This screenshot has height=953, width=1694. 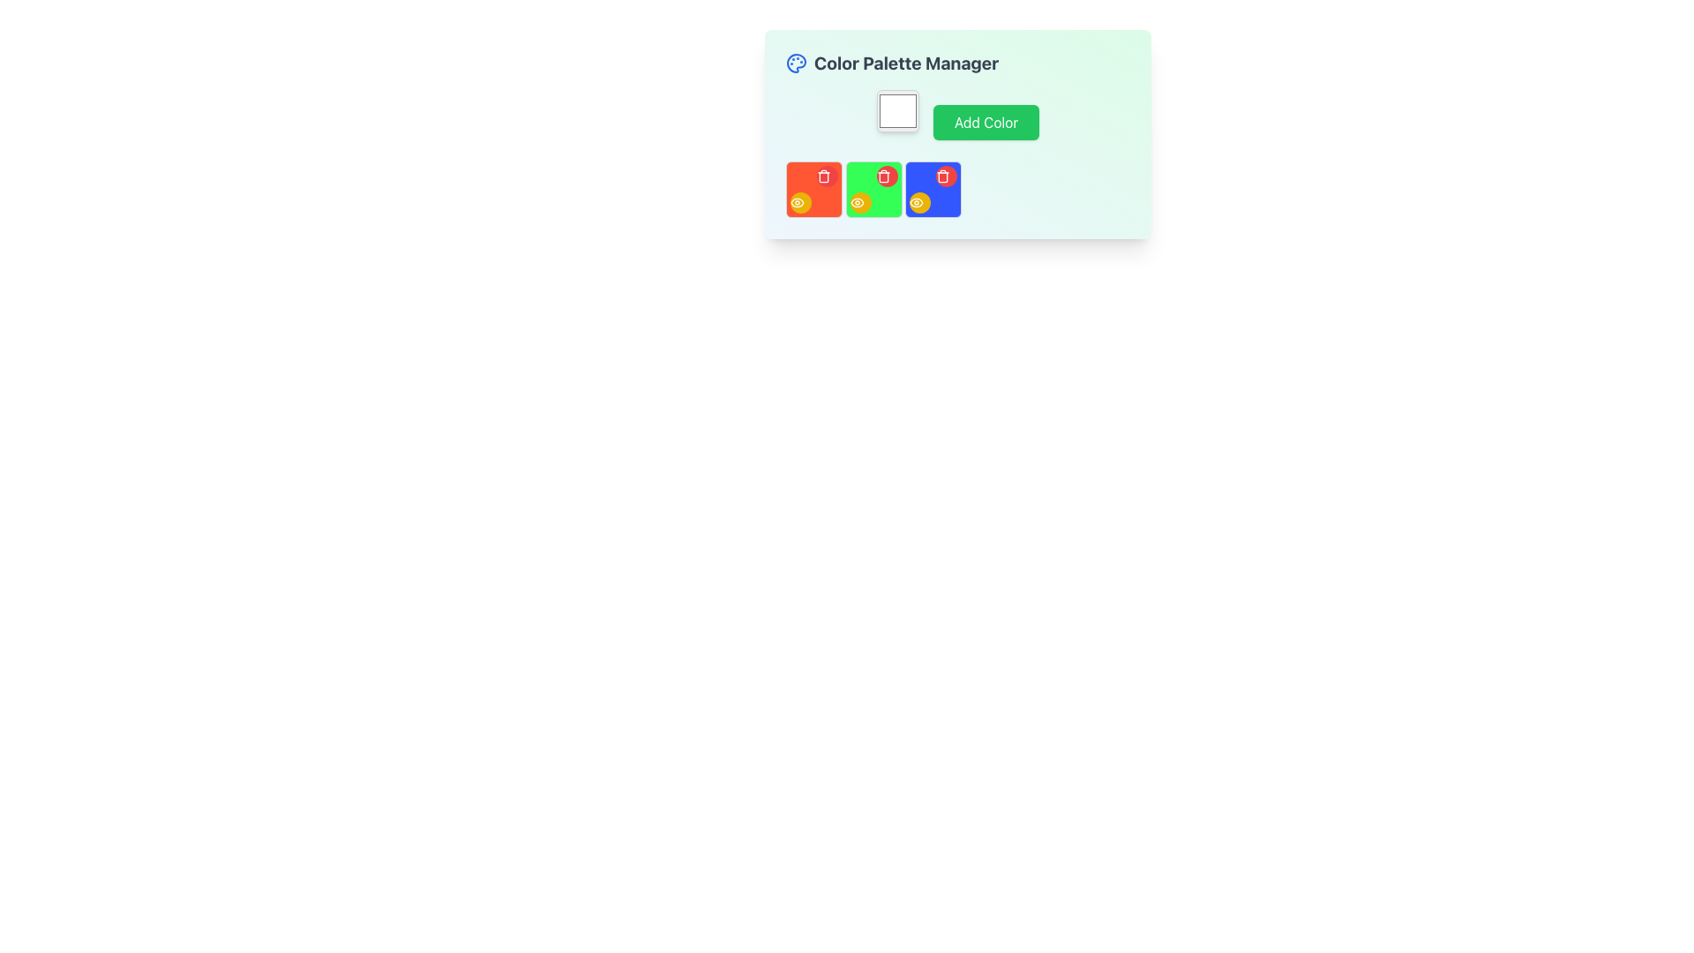 I want to click on the eye icon outline within the SVG graphic located at the bottom left of the green square, so click(x=857, y=202).